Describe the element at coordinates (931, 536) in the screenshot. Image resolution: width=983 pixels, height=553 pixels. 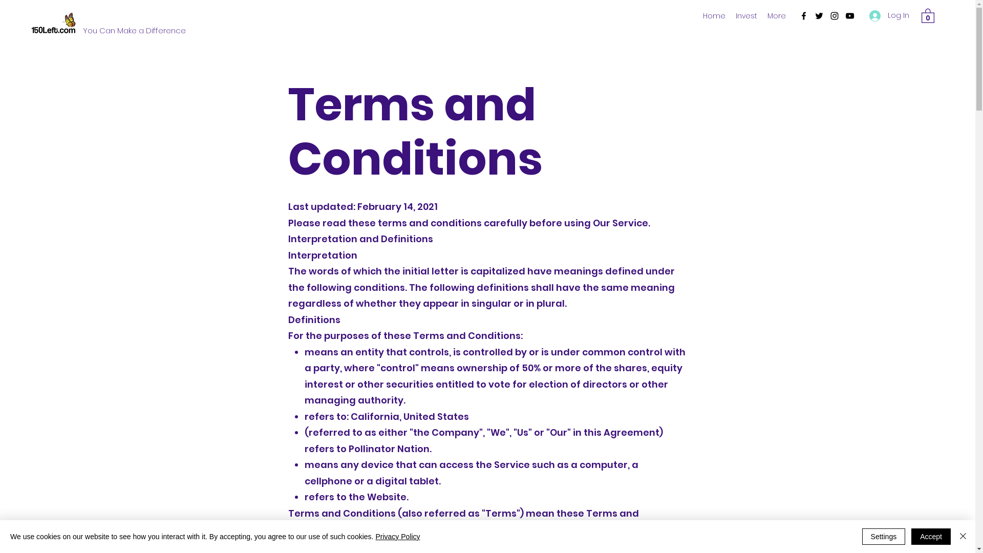
I see `'Accept'` at that location.